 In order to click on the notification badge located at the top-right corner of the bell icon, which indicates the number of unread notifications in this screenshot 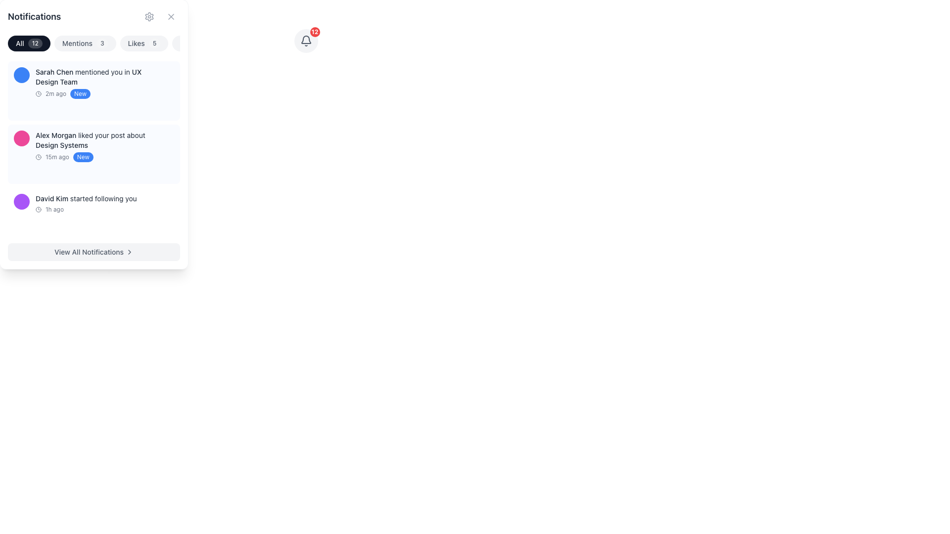, I will do `click(305, 41)`.